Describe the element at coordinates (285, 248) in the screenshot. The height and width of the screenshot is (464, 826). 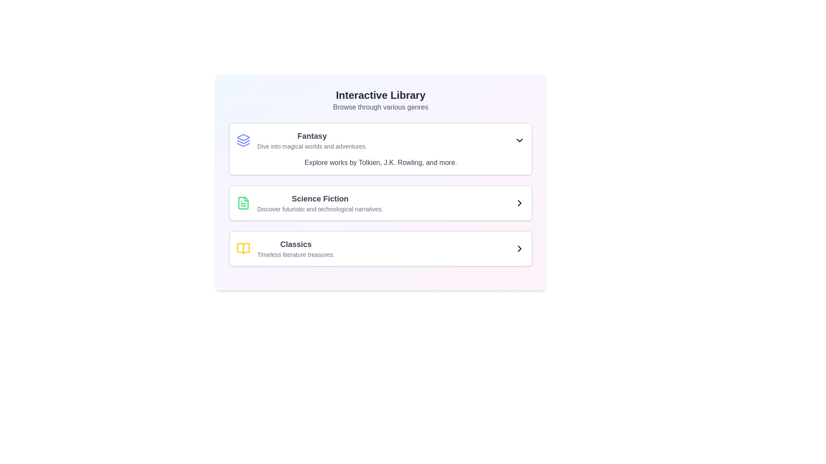
I see `the 'Classics' list item, which features a yellow book icon and includes the title 'Classics' in bold gray text and a subtitle in lighter gray` at that location.